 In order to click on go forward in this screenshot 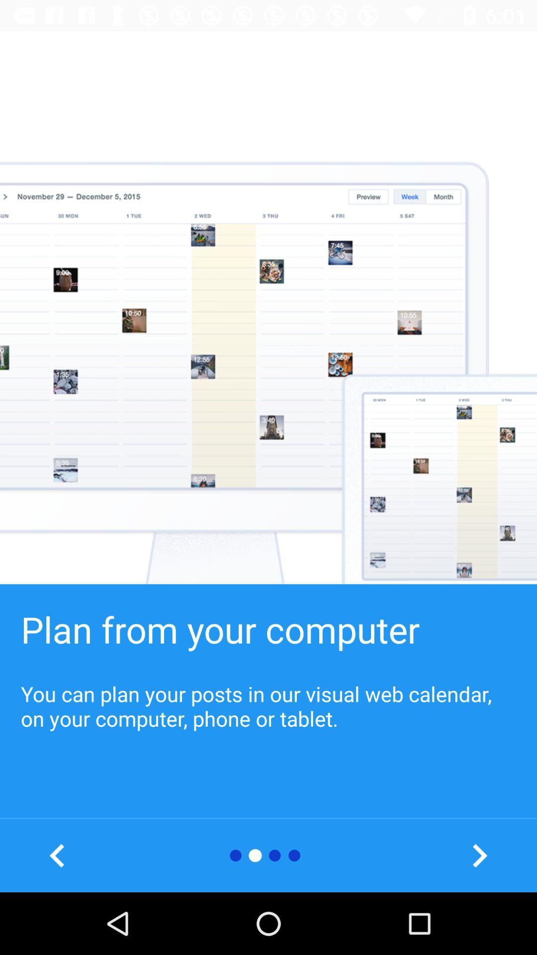, I will do `click(479, 855)`.